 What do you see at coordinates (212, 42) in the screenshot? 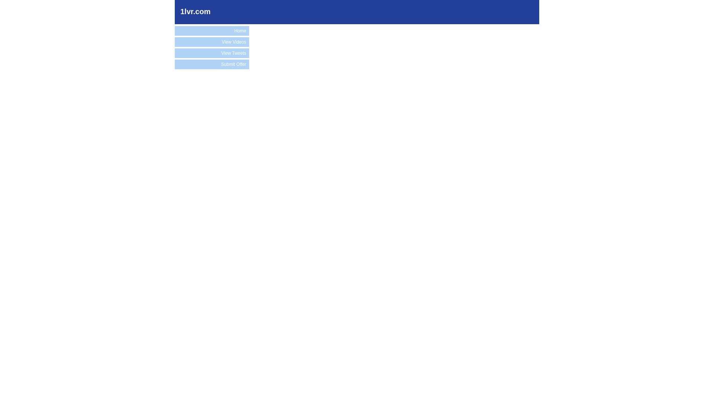
I see `'View Videos'` at bounding box center [212, 42].